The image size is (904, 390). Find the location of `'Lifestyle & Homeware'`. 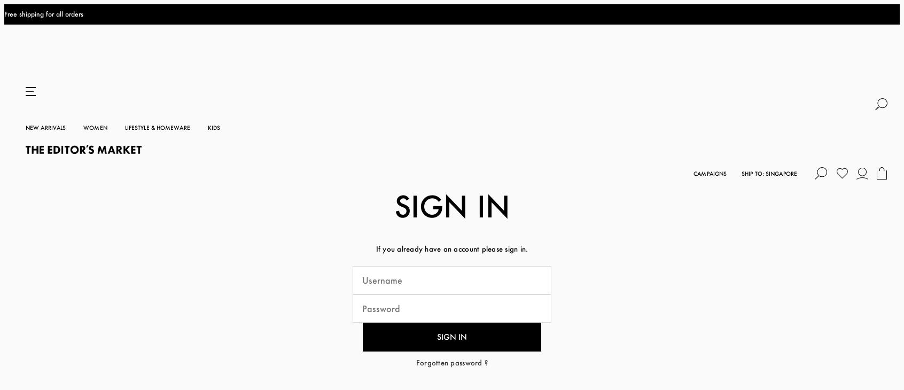

'Lifestyle & Homeware' is located at coordinates (157, 42).